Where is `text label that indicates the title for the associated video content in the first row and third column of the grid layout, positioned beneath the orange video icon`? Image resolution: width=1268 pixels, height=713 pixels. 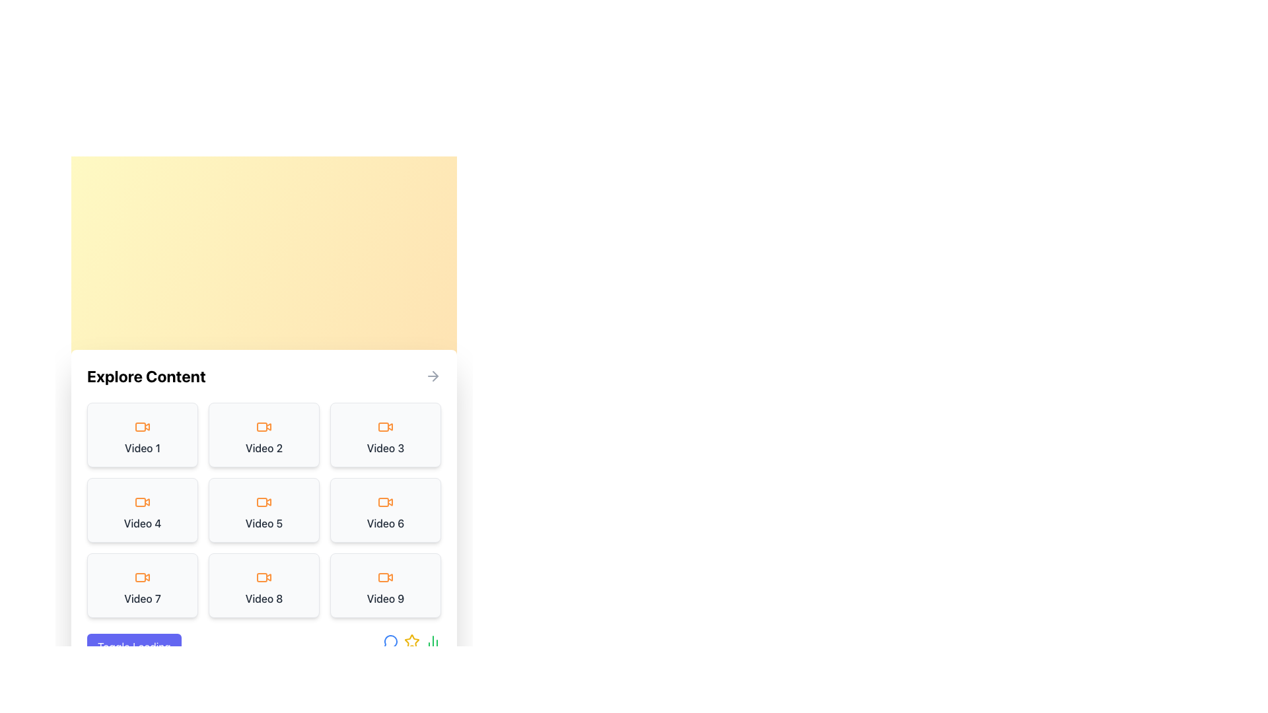 text label that indicates the title for the associated video content in the first row and third column of the grid layout, positioned beneath the orange video icon is located at coordinates (385, 447).